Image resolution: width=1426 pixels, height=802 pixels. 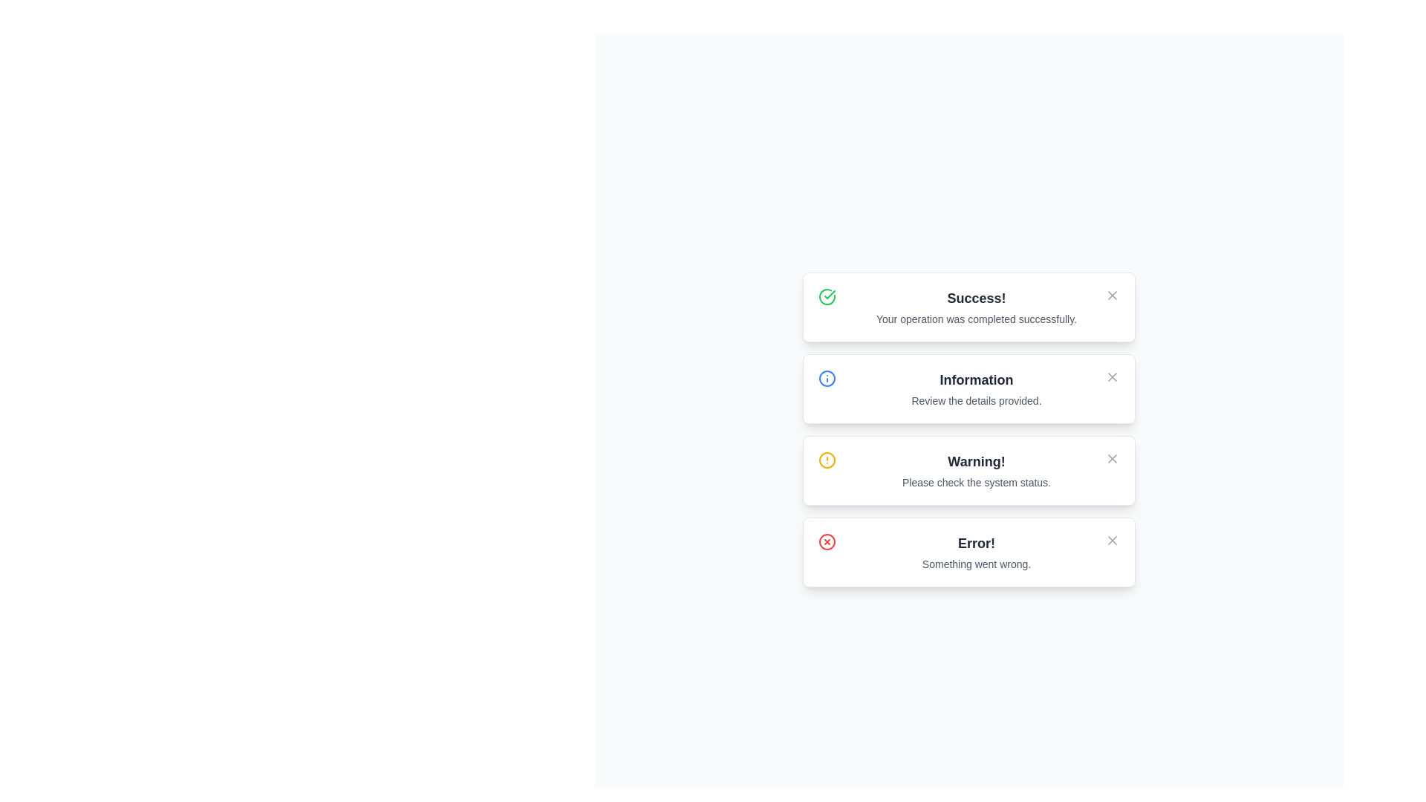 What do you see at coordinates (977, 470) in the screenshot?
I see `the warning text block that has a bold title 'Warning!' and a subtitle 'Please check the system status.', positioned in the middle of a vertically stacked list of information cards` at bounding box center [977, 470].